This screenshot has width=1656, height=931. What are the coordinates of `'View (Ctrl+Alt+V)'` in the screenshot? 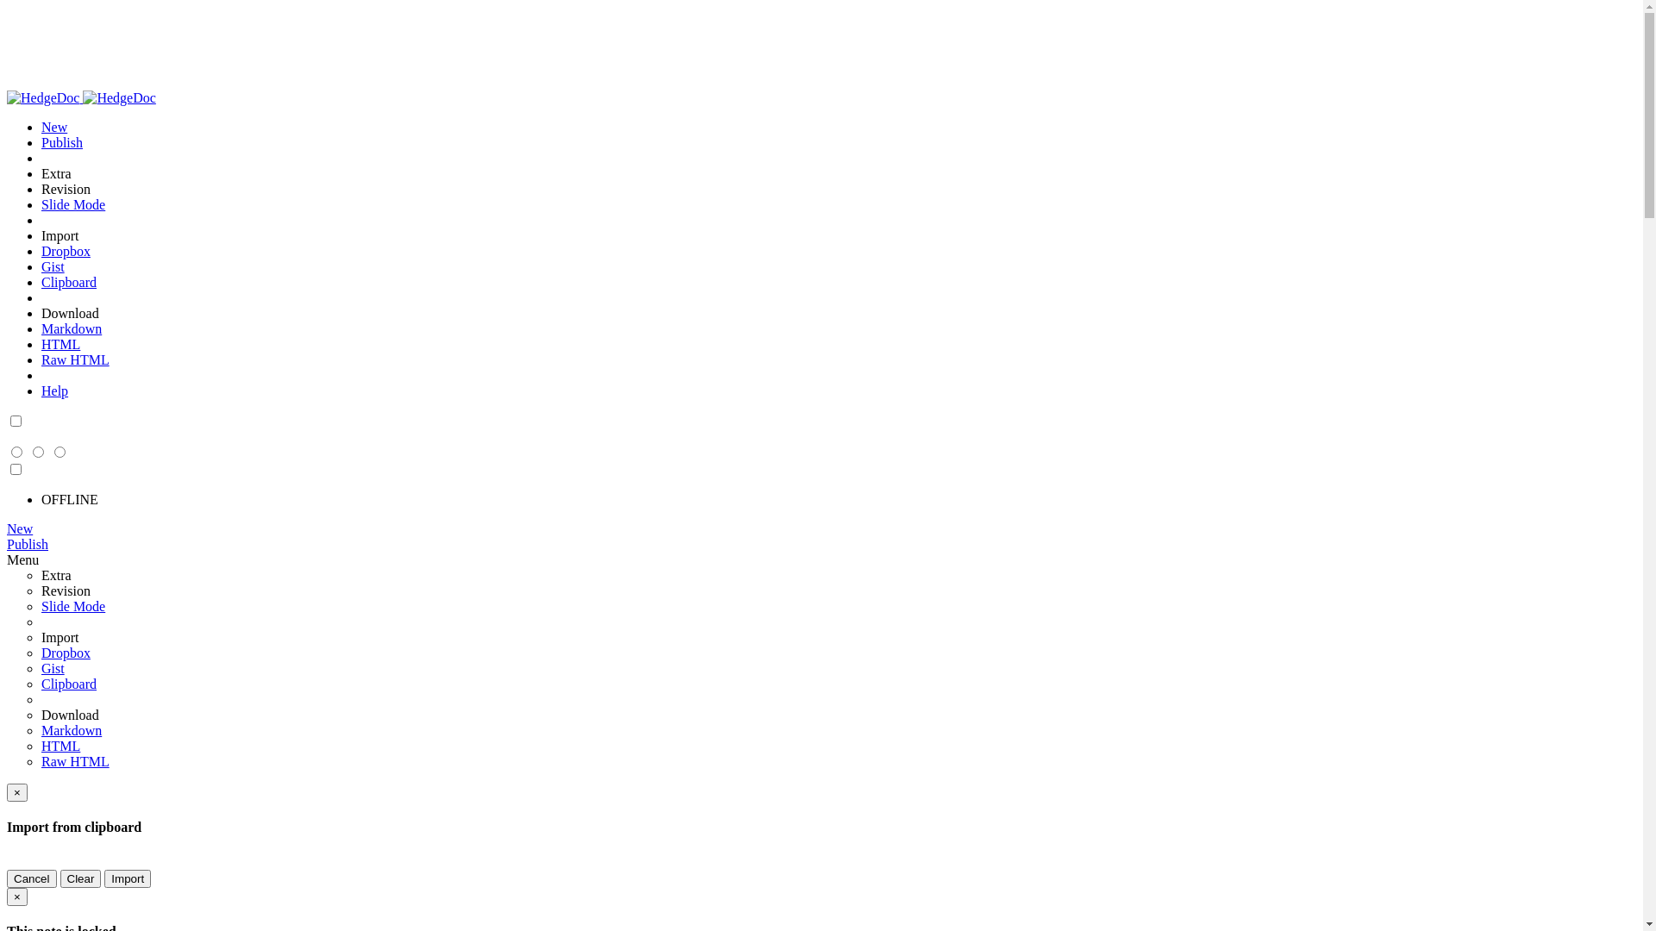 It's located at (7, 452).